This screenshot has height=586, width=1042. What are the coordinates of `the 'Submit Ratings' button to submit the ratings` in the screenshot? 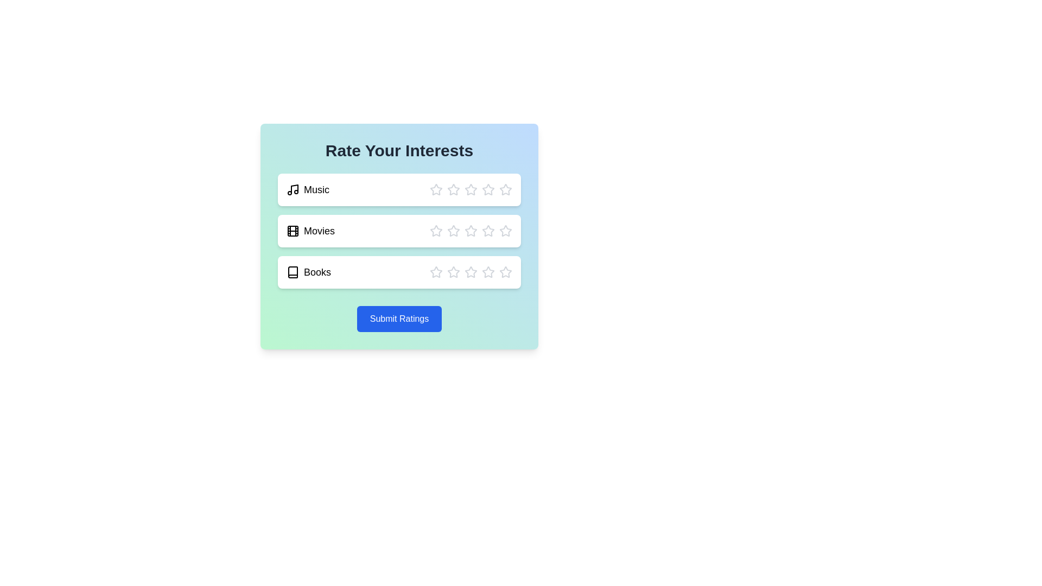 It's located at (398, 318).